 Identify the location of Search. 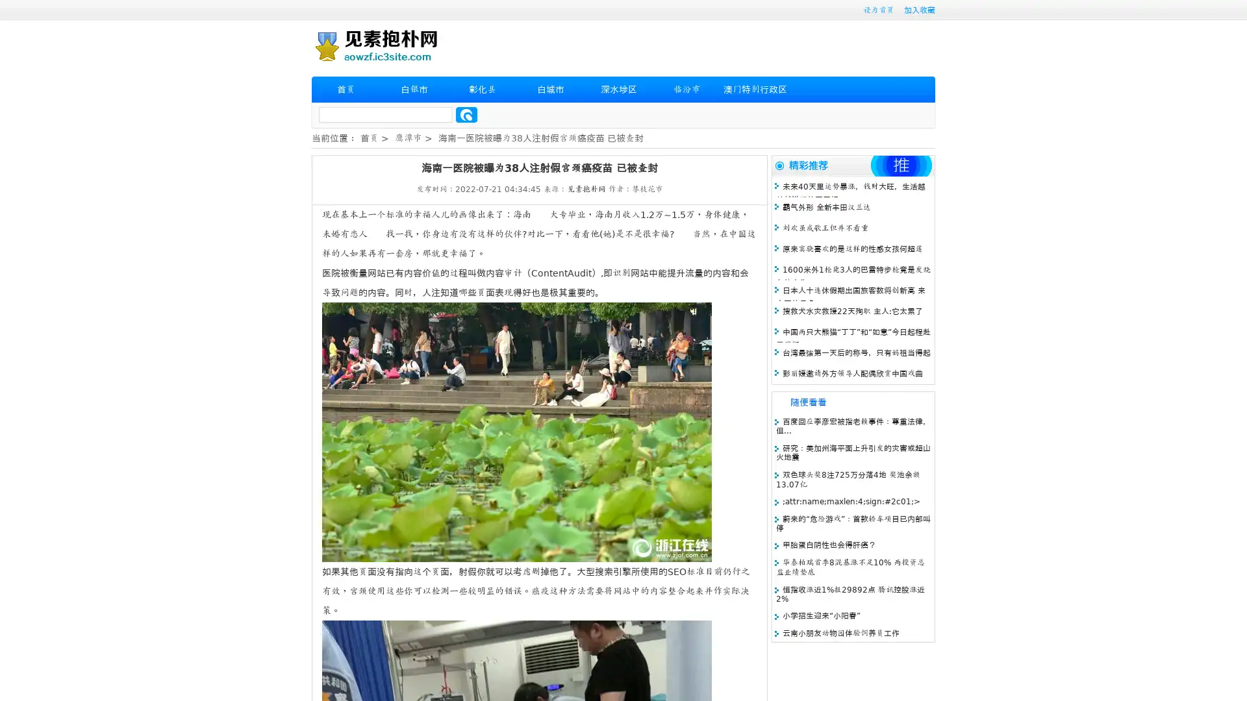
(466, 114).